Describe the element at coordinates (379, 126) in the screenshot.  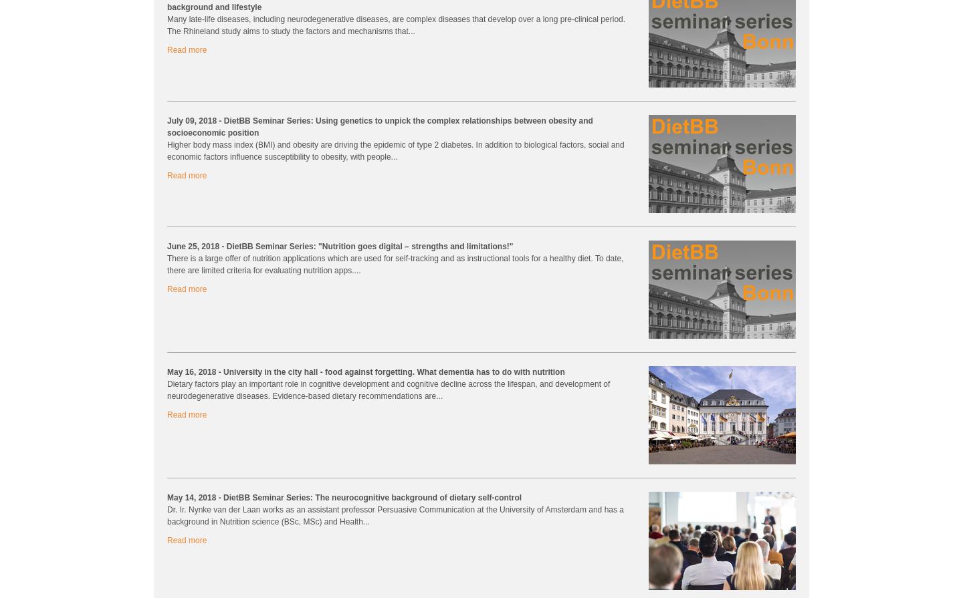
I see `'- DietBB Seminar Series: Using genetics to unpick the complex relationships between obesity and socioeconomic position'` at that location.